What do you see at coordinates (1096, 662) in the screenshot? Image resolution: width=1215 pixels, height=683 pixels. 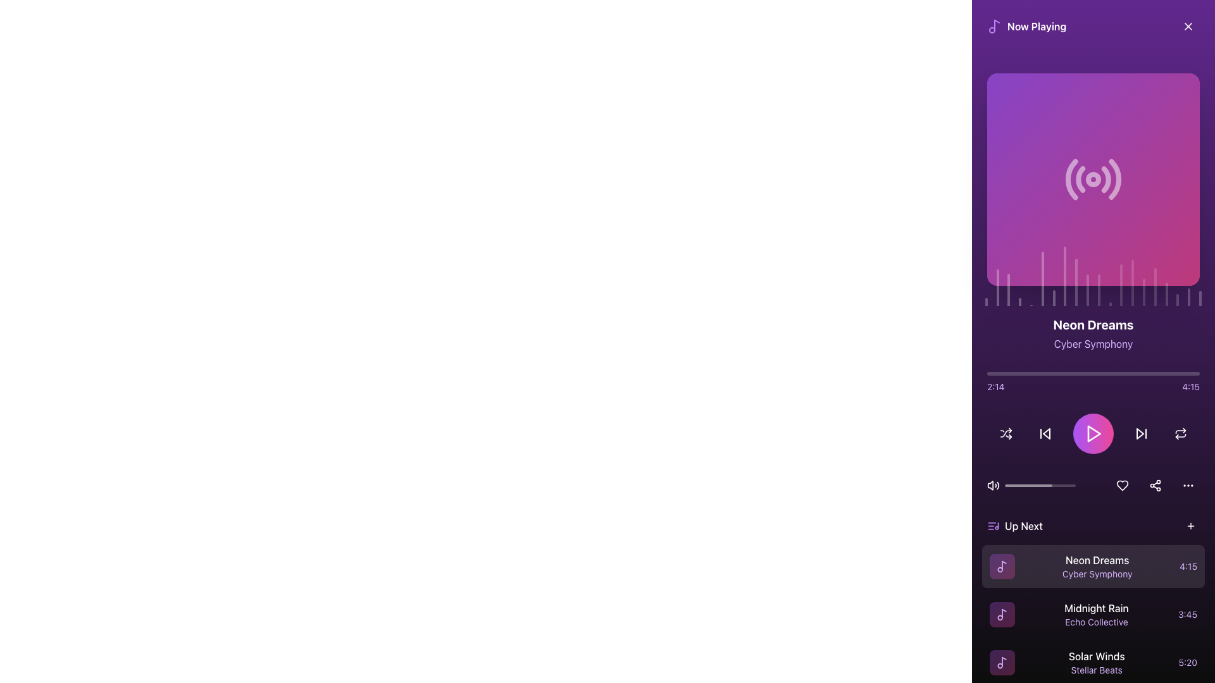 I see `the 'Solar Winds' and 'Stellar Beats' text label, which is the third item` at bounding box center [1096, 662].